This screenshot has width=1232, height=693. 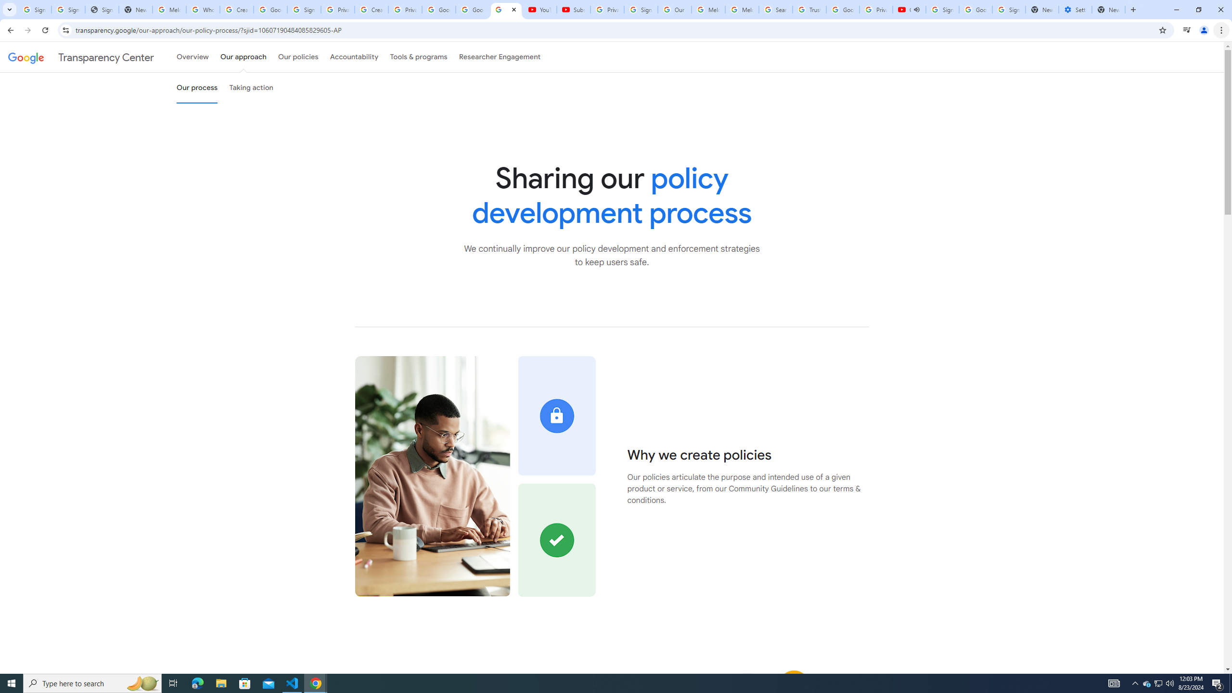 What do you see at coordinates (500, 57) in the screenshot?
I see `'Researcher Engagement'` at bounding box center [500, 57].